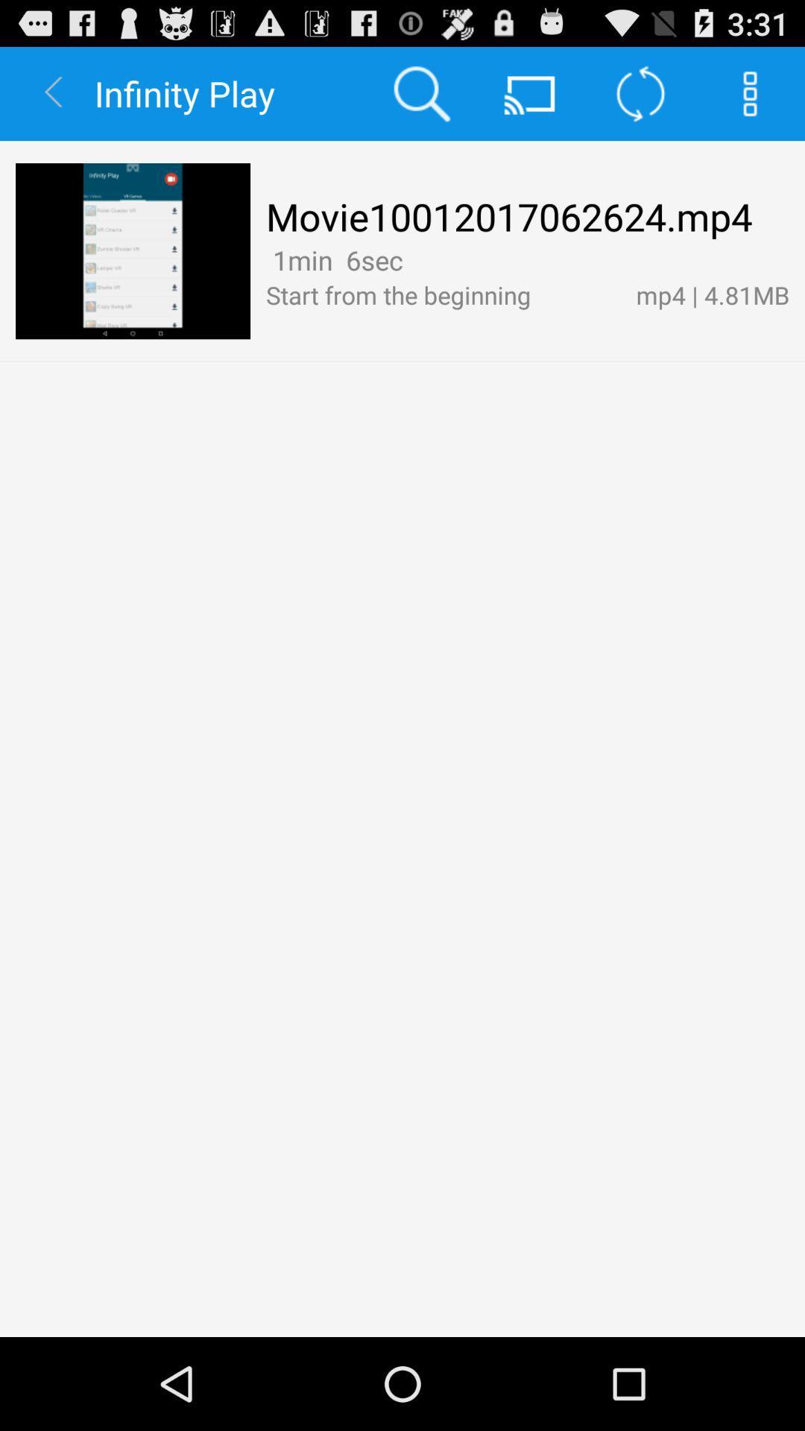  I want to click on app next to the mp4 | 4.81mb item, so click(442, 294).